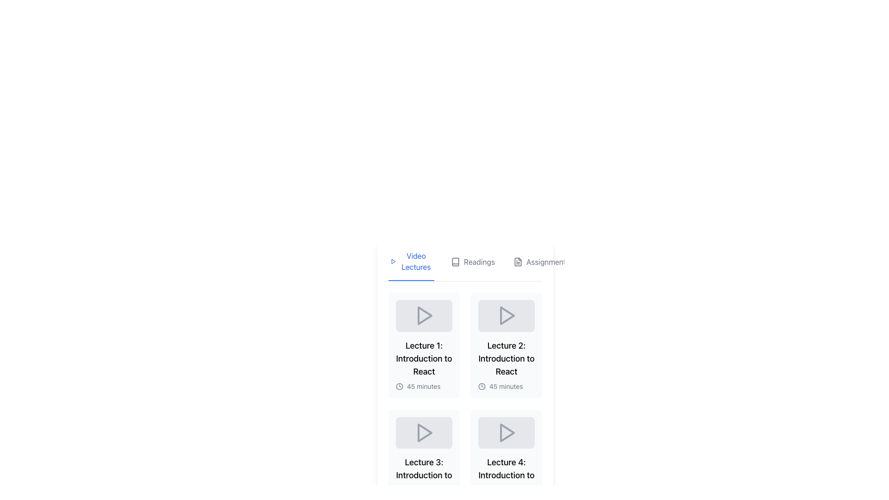  What do you see at coordinates (424, 315) in the screenshot?
I see `the triangular play icon button in the top-left card of the 'Video Lectures' grid layout` at bounding box center [424, 315].